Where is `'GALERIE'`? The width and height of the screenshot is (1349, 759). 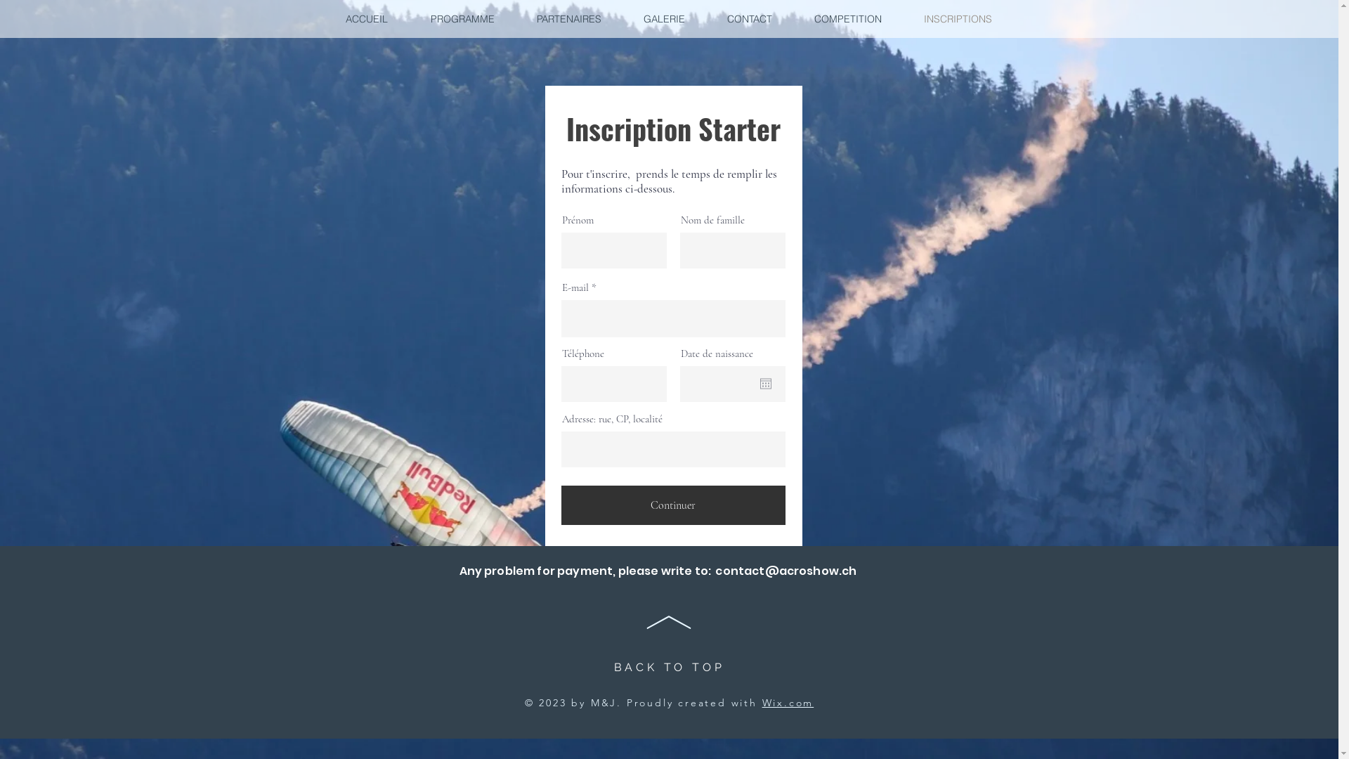
'GALERIE' is located at coordinates (622, 19).